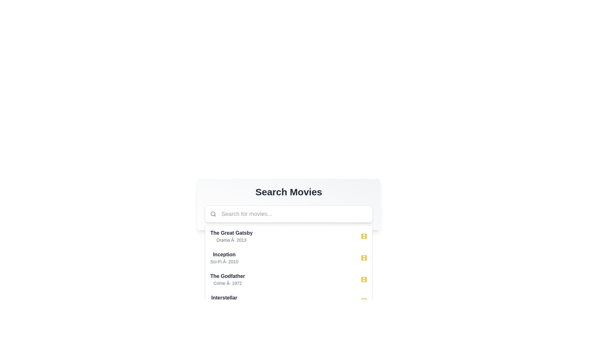  What do you see at coordinates (288, 279) in the screenshot?
I see `the list item containing the title 'The Godfather' with a bold font and the subtitle 'Crime · 1972' in a lighter gray font, which is the third row in the vertical list of movie items` at bounding box center [288, 279].